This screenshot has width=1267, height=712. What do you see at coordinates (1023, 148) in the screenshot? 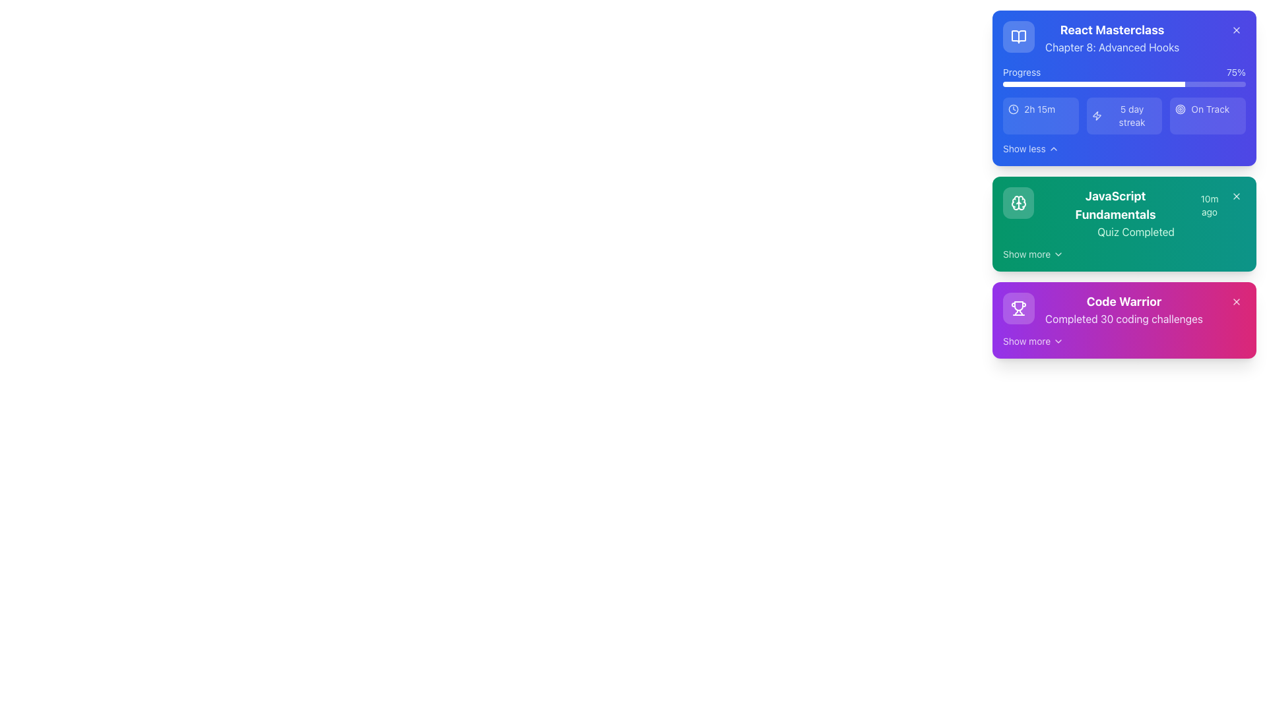
I see `the static text label that indicates a toggle action to collapse the content of the card, located in the blue card at the top of the vertical layout of cards` at bounding box center [1023, 148].